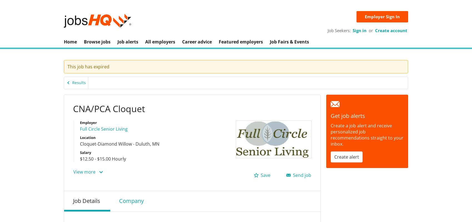 The image size is (472, 222). I want to click on 'All employers', so click(160, 42).